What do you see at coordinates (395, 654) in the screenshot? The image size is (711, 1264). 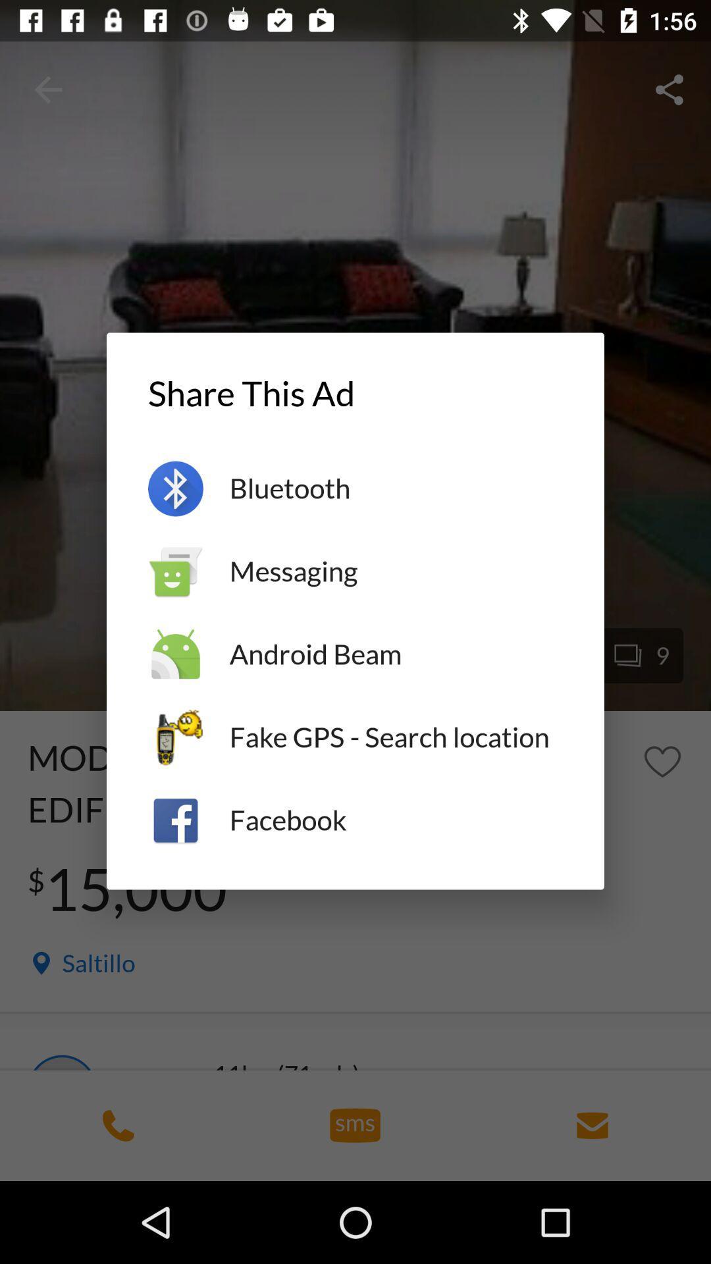 I see `the android beam` at bounding box center [395, 654].